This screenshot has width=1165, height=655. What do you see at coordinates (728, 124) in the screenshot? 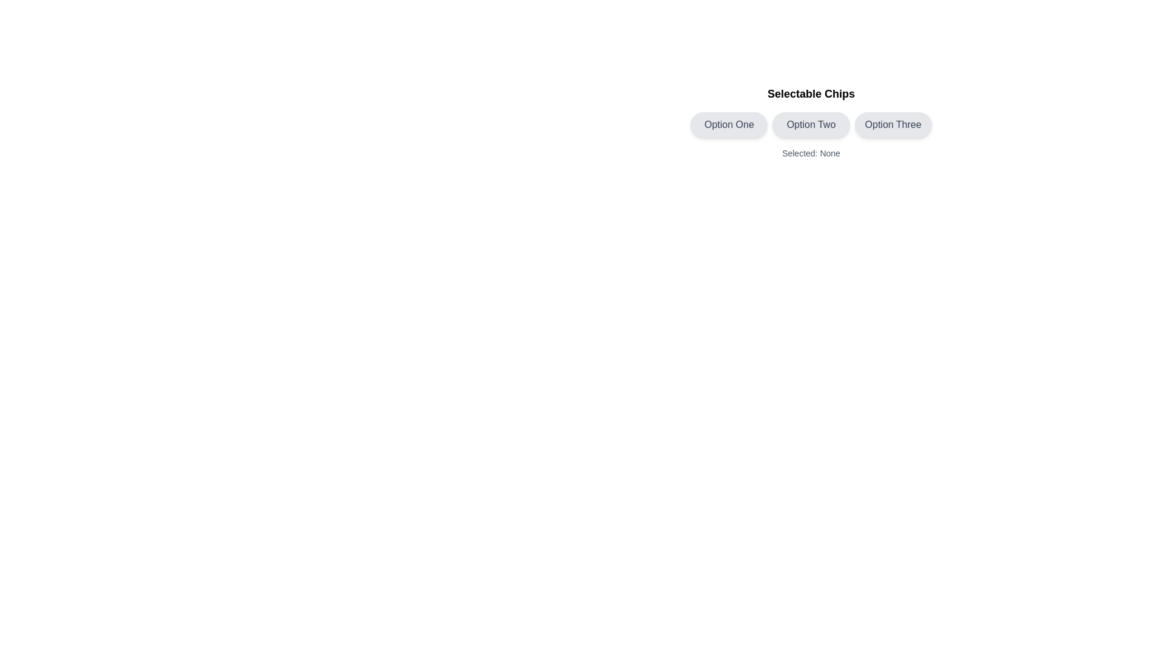
I see `the first selectable button labeled 'Option One' under the 'Selectable Chips' header` at bounding box center [728, 124].